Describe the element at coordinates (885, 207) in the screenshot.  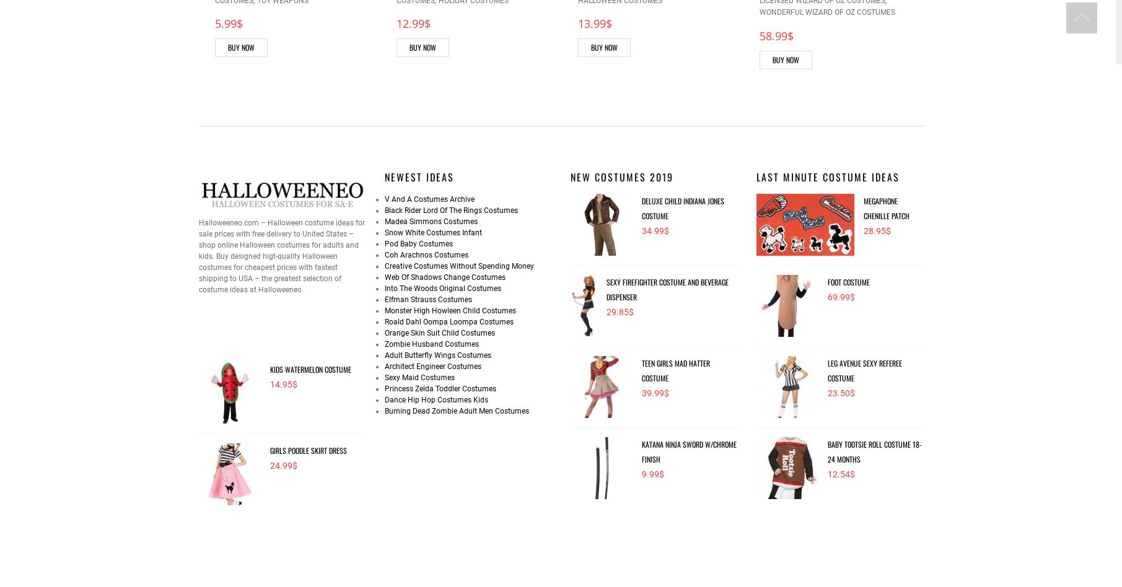
I see `'Megaphone Chenille Patch'` at that location.